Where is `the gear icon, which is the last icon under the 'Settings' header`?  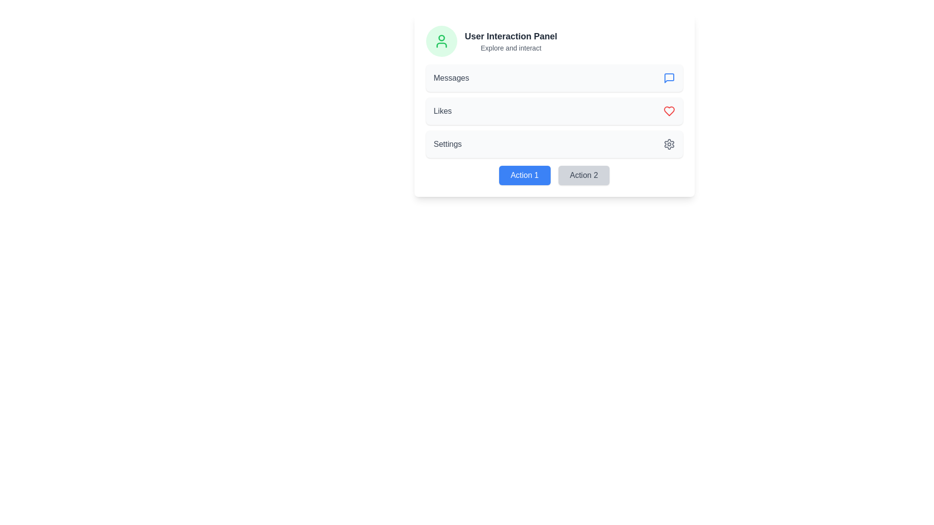
the gear icon, which is the last icon under the 'Settings' header is located at coordinates (668, 144).